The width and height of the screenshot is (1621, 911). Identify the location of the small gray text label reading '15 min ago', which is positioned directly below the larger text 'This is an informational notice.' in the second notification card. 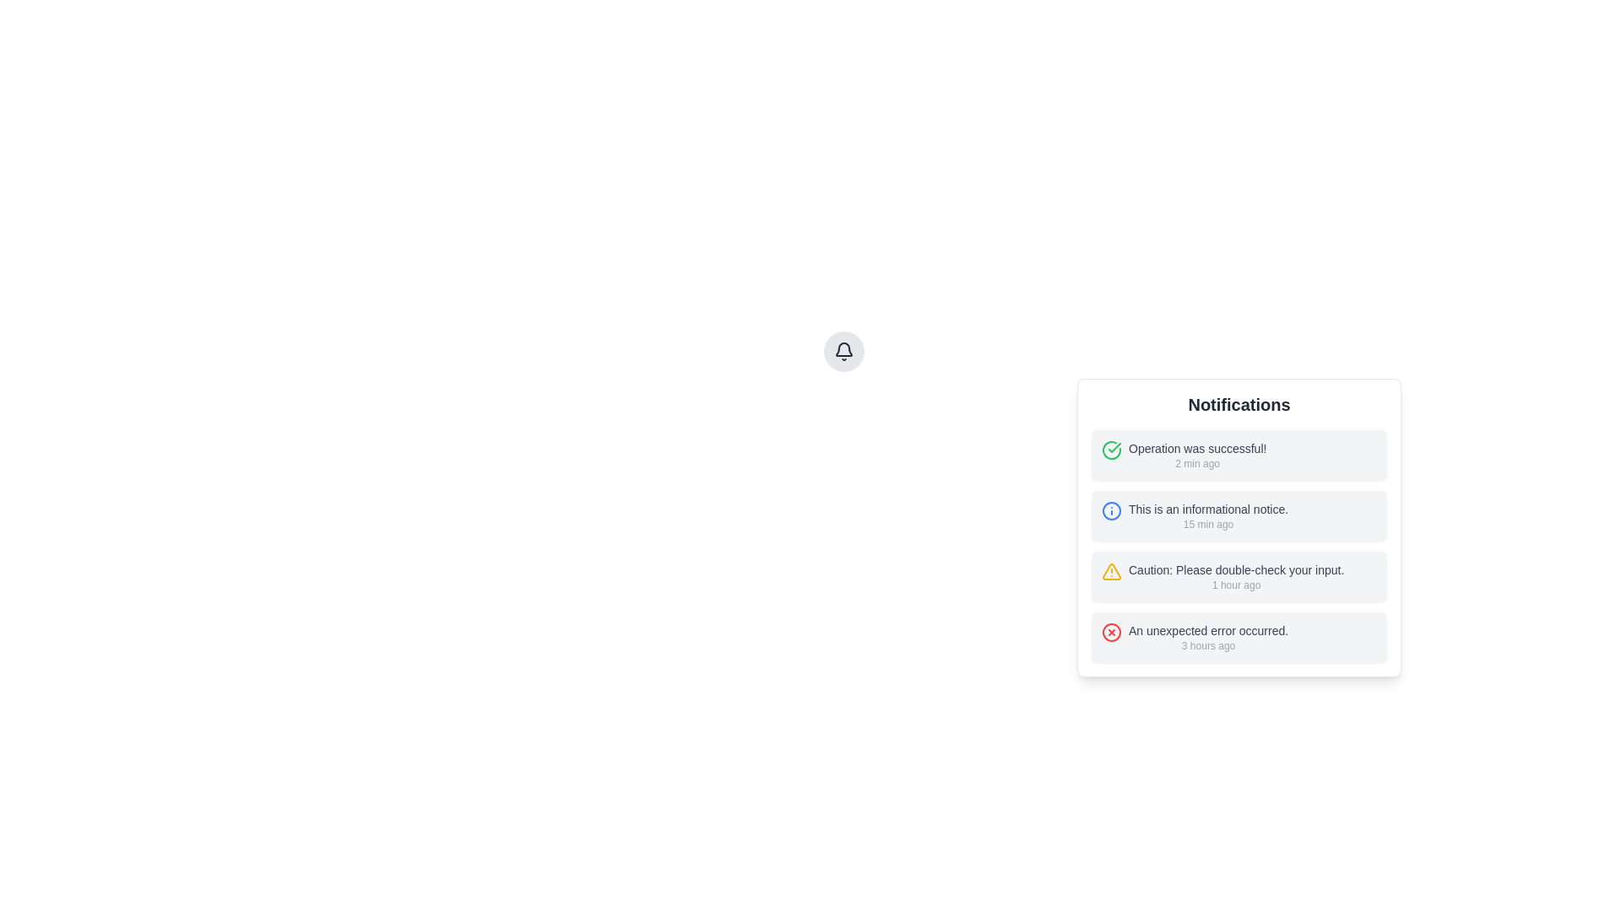
(1207, 523).